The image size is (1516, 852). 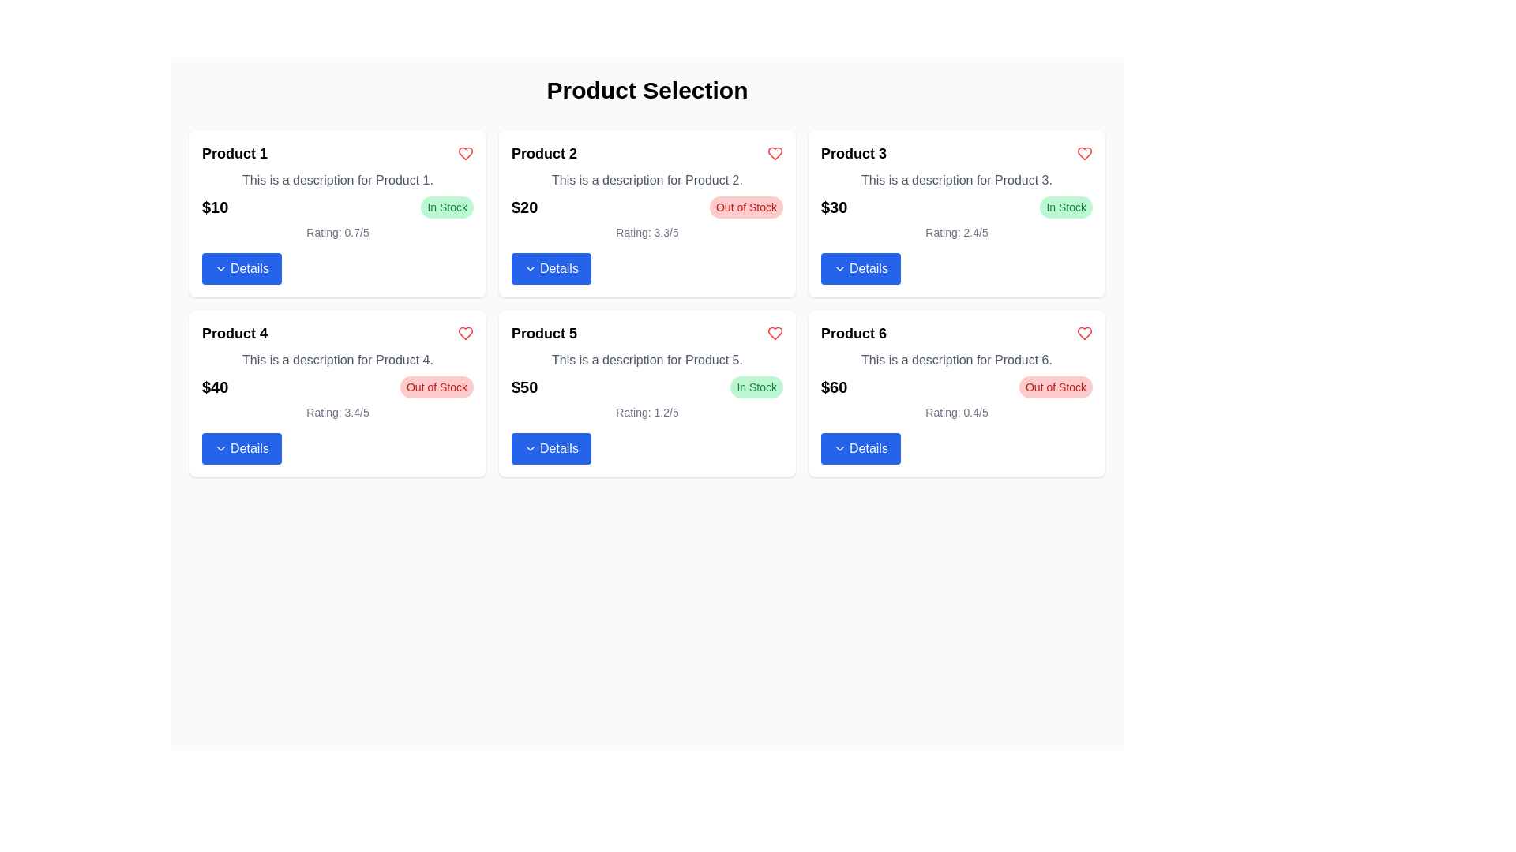 What do you see at coordinates (860, 449) in the screenshot?
I see `the button located at the bottom of the card for 'Product 6' in the rightmost column of the second row` at bounding box center [860, 449].